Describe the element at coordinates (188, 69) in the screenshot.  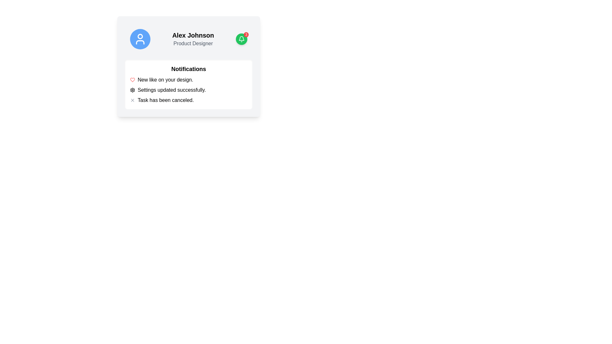
I see `the heading text indicating the notifications section, which is positioned at the top of a white card displaying notification details` at that location.